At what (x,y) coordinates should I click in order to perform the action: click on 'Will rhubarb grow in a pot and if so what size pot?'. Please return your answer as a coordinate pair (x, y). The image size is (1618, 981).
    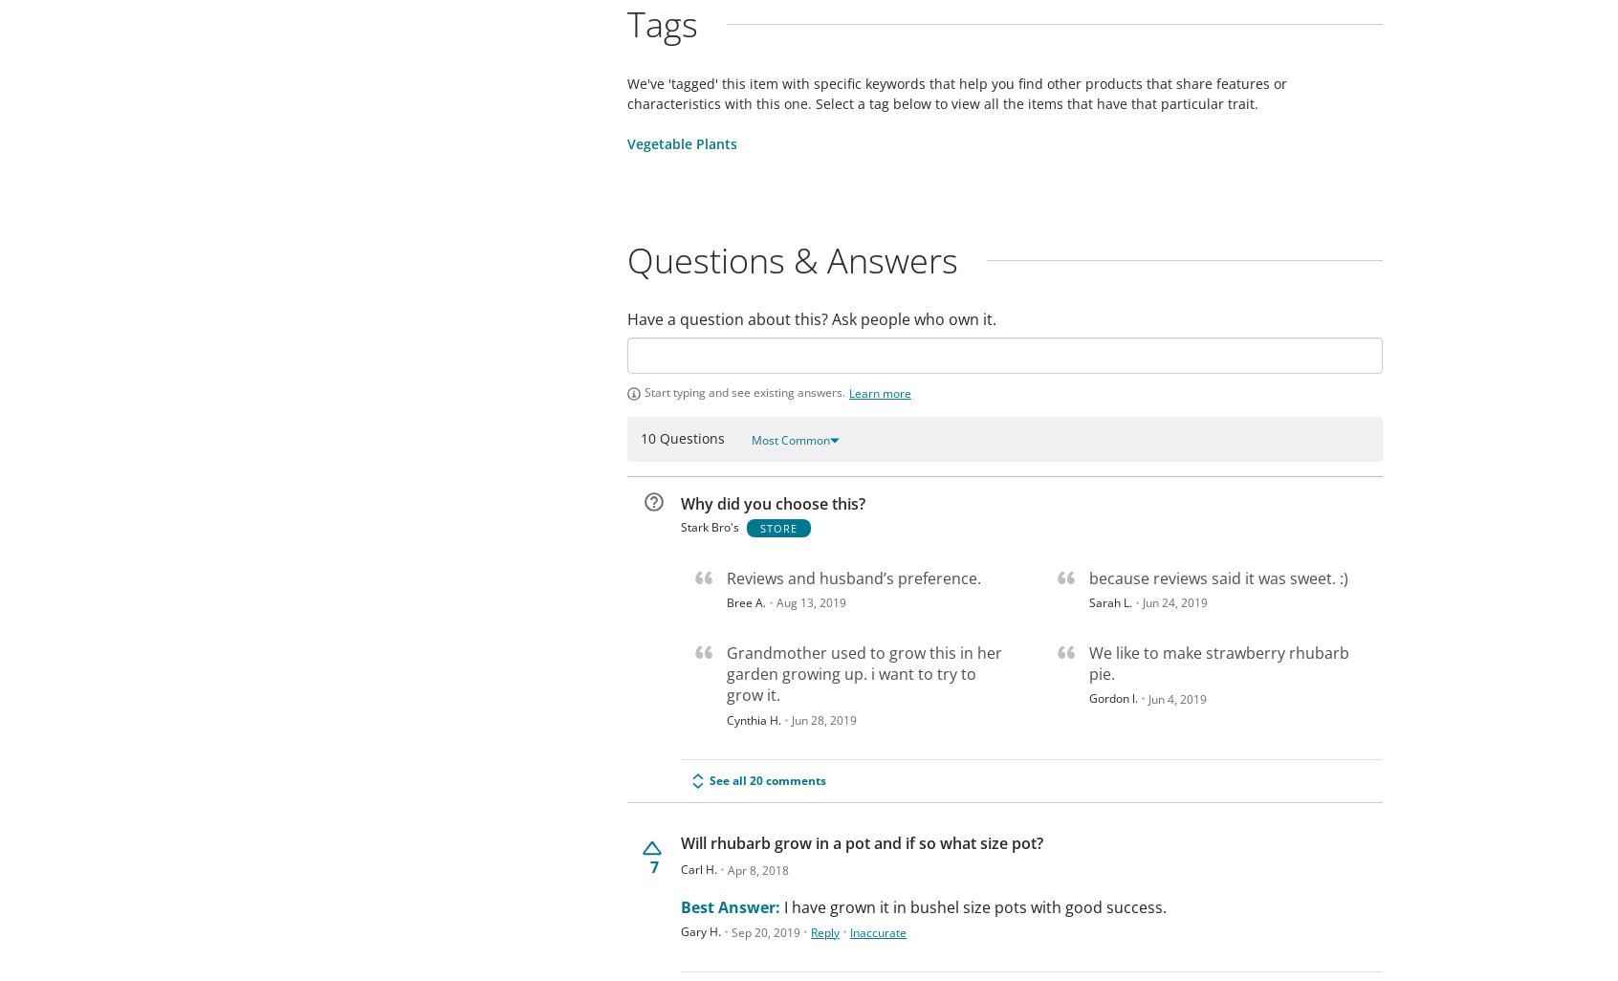
    Looking at the image, I should click on (861, 841).